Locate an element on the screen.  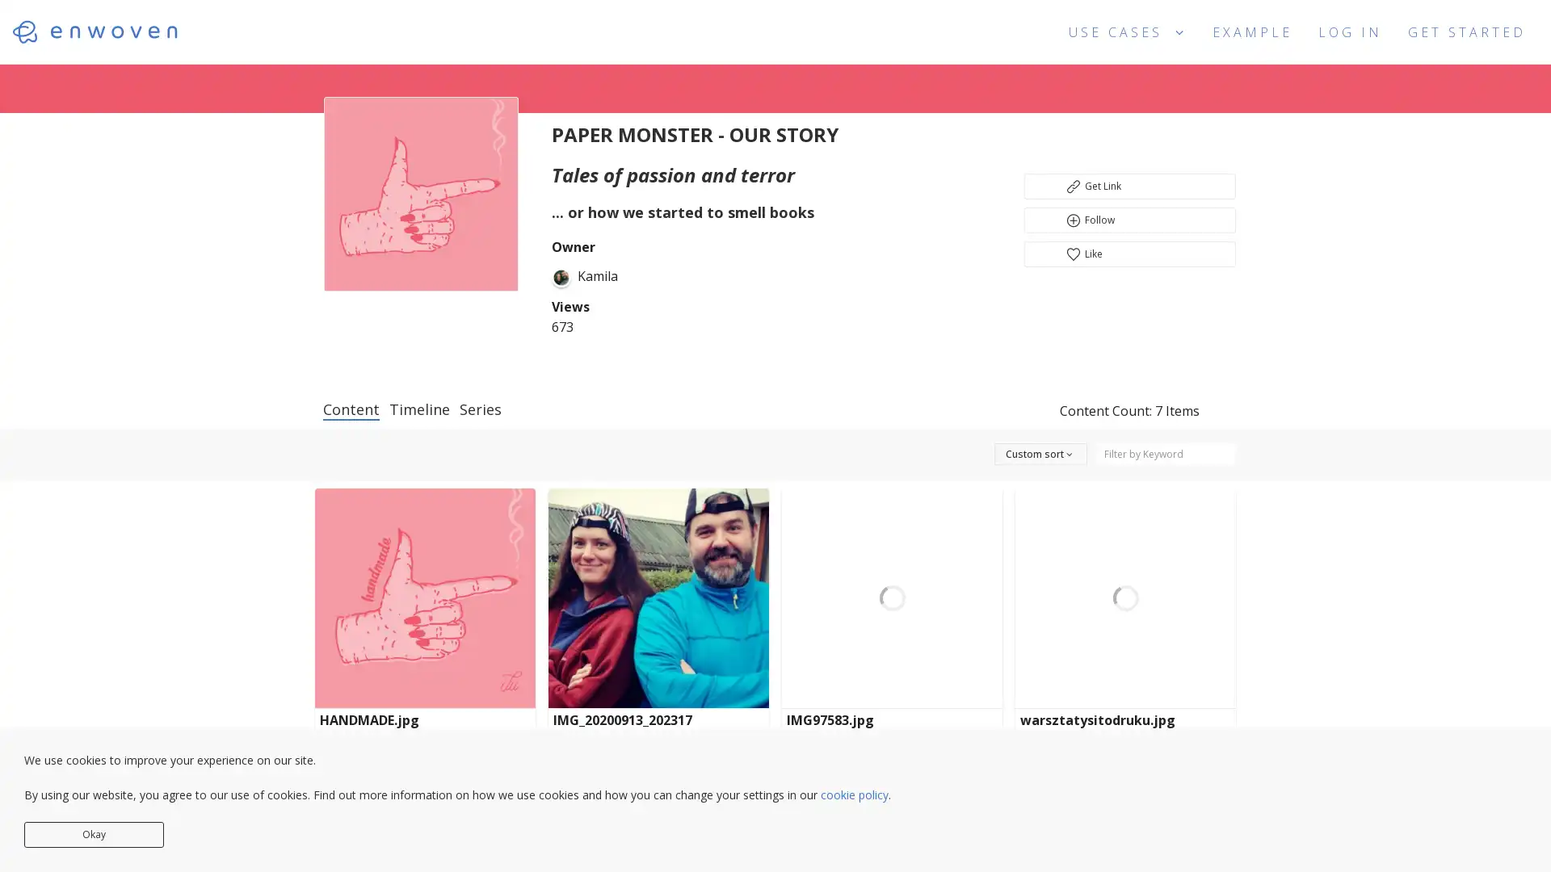
234 views image preview is located at coordinates (891, 597).